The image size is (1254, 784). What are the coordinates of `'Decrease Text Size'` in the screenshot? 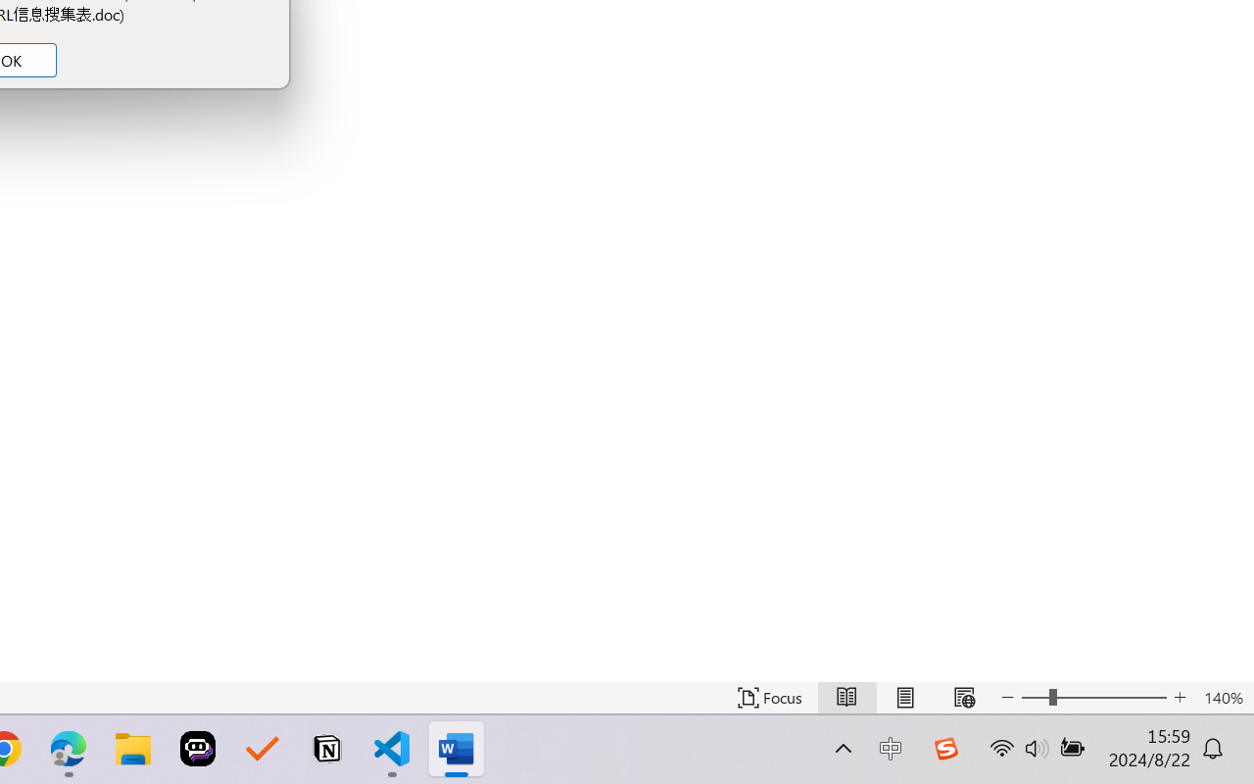 It's located at (1008, 697).